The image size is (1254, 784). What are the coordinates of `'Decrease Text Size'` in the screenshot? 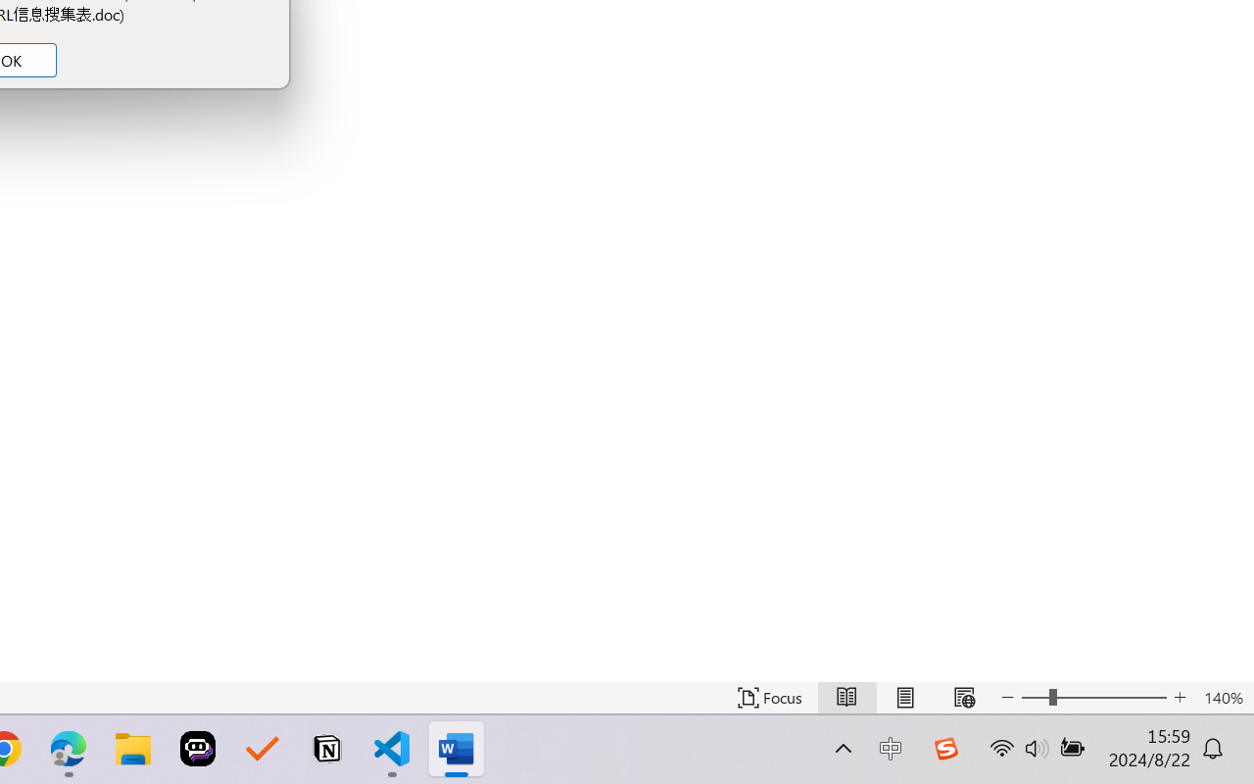 It's located at (1008, 697).